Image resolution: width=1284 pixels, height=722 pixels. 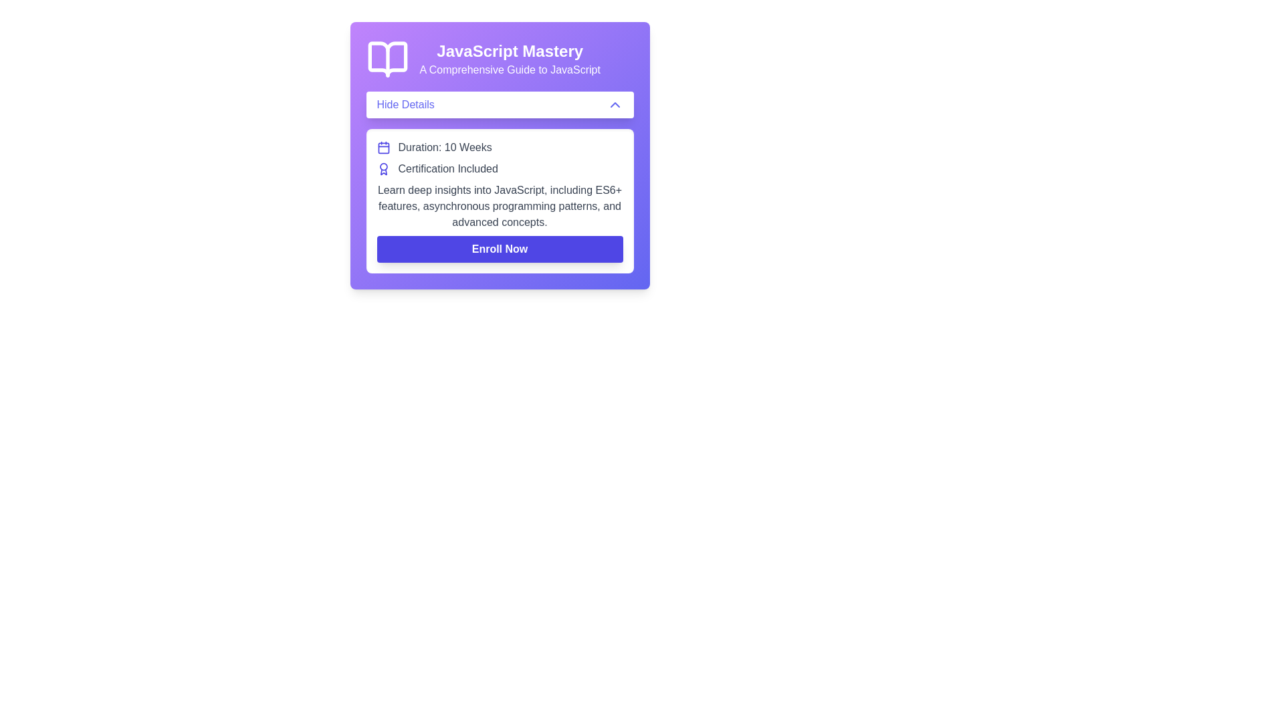 What do you see at coordinates (509, 70) in the screenshot?
I see `the text label reading 'A Comprehensive Guide to JavaScript' displayed below the header 'JavaScript Mastery', which is styled in white against a purple background` at bounding box center [509, 70].